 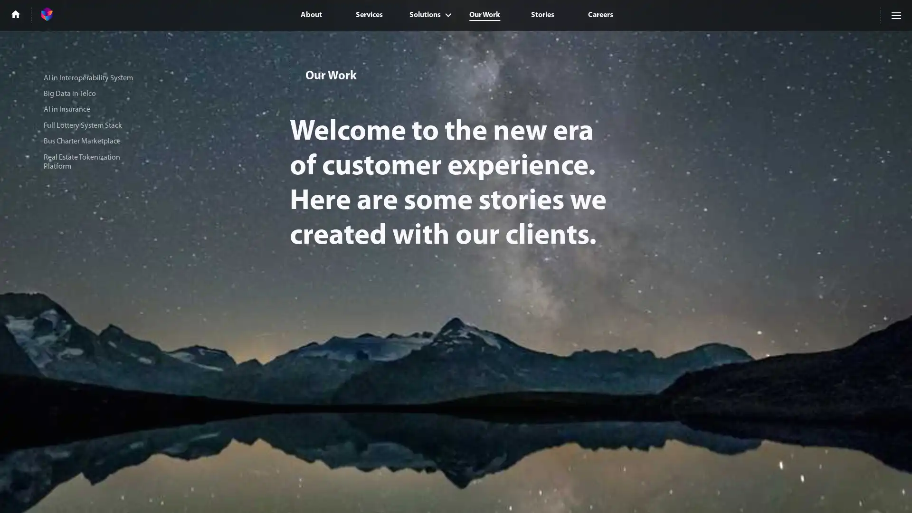 What do you see at coordinates (852, 493) in the screenshot?
I see `HIDE` at bounding box center [852, 493].